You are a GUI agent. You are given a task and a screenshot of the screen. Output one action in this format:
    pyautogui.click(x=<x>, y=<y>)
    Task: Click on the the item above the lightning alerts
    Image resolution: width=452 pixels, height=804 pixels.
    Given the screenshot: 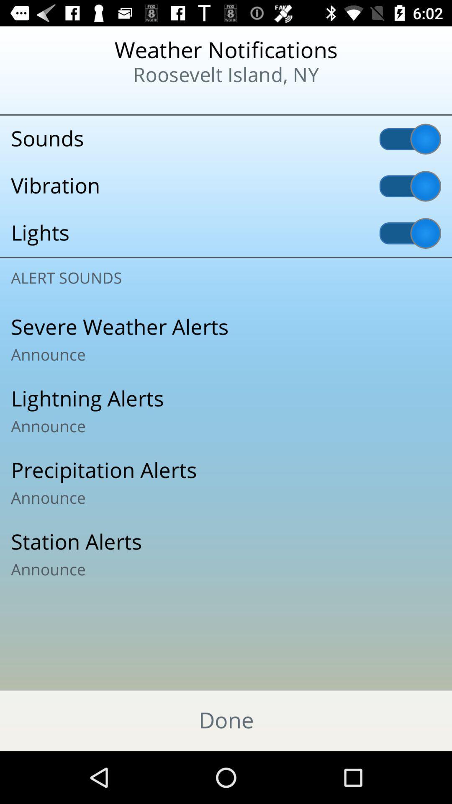 What is the action you would take?
    pyautogui.click(x=226, y=340)
    